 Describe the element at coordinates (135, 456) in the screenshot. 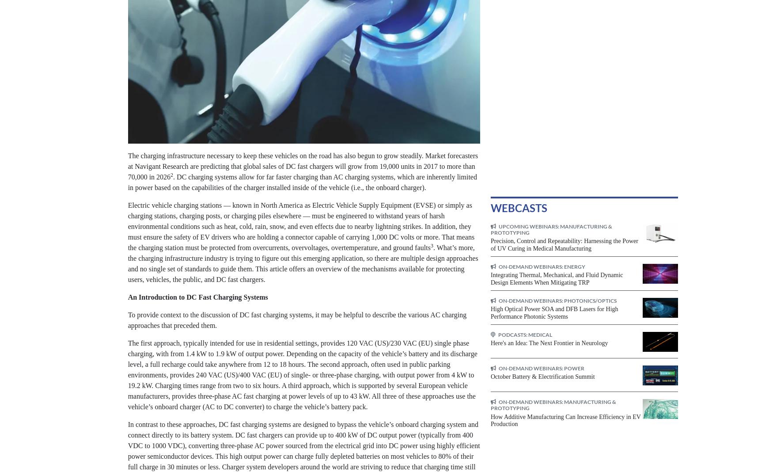

I see `'© 2009-2023 SAE Media Group'` at that location.